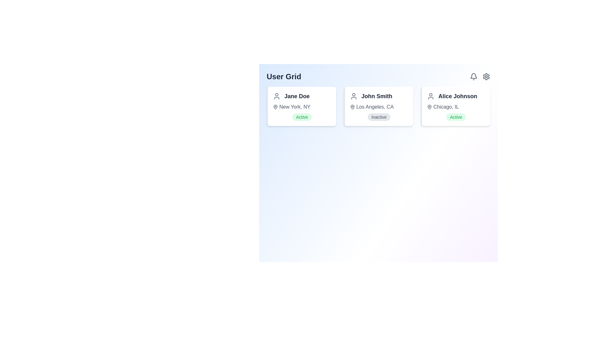 This screenshot has height=341, width=606. What do you see at coordinates (474, 76) in the screenshot?
I see `the bell icon located at the top-right corner of the interface` at bounding box center [474, 76].